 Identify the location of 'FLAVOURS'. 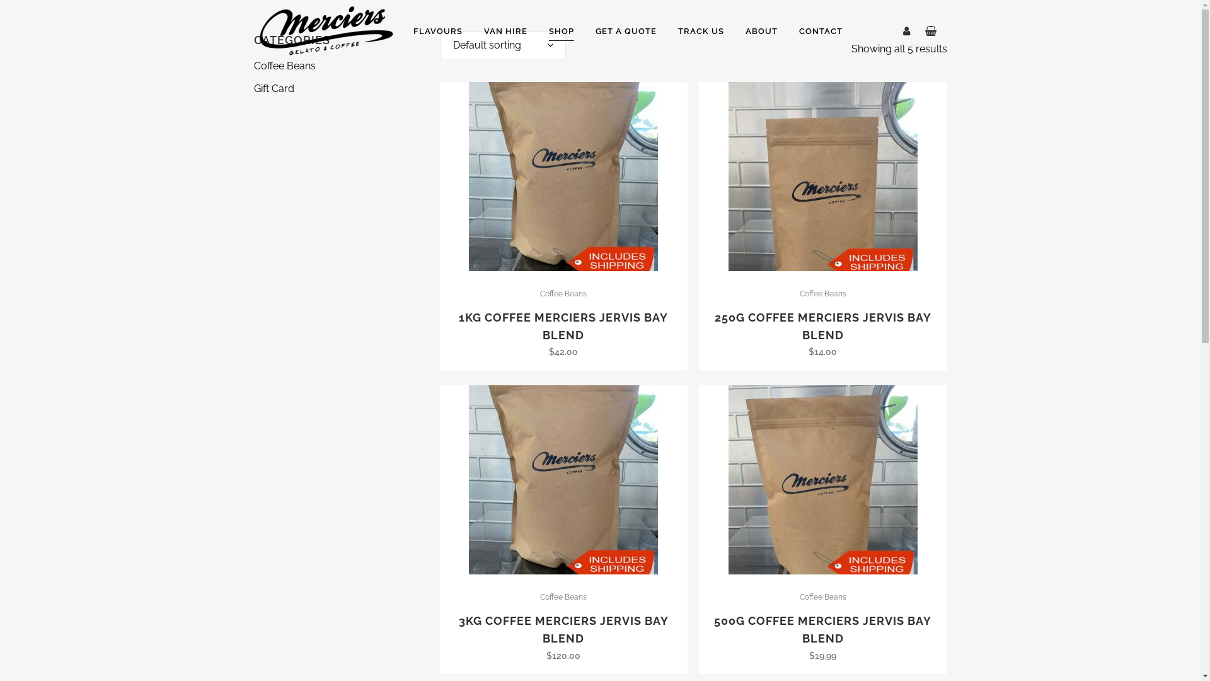
(438, 31).